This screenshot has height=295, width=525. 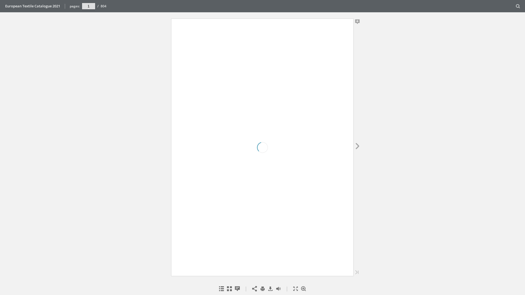 I want to click on 'Table of Contents', so click(x=217, y=288).